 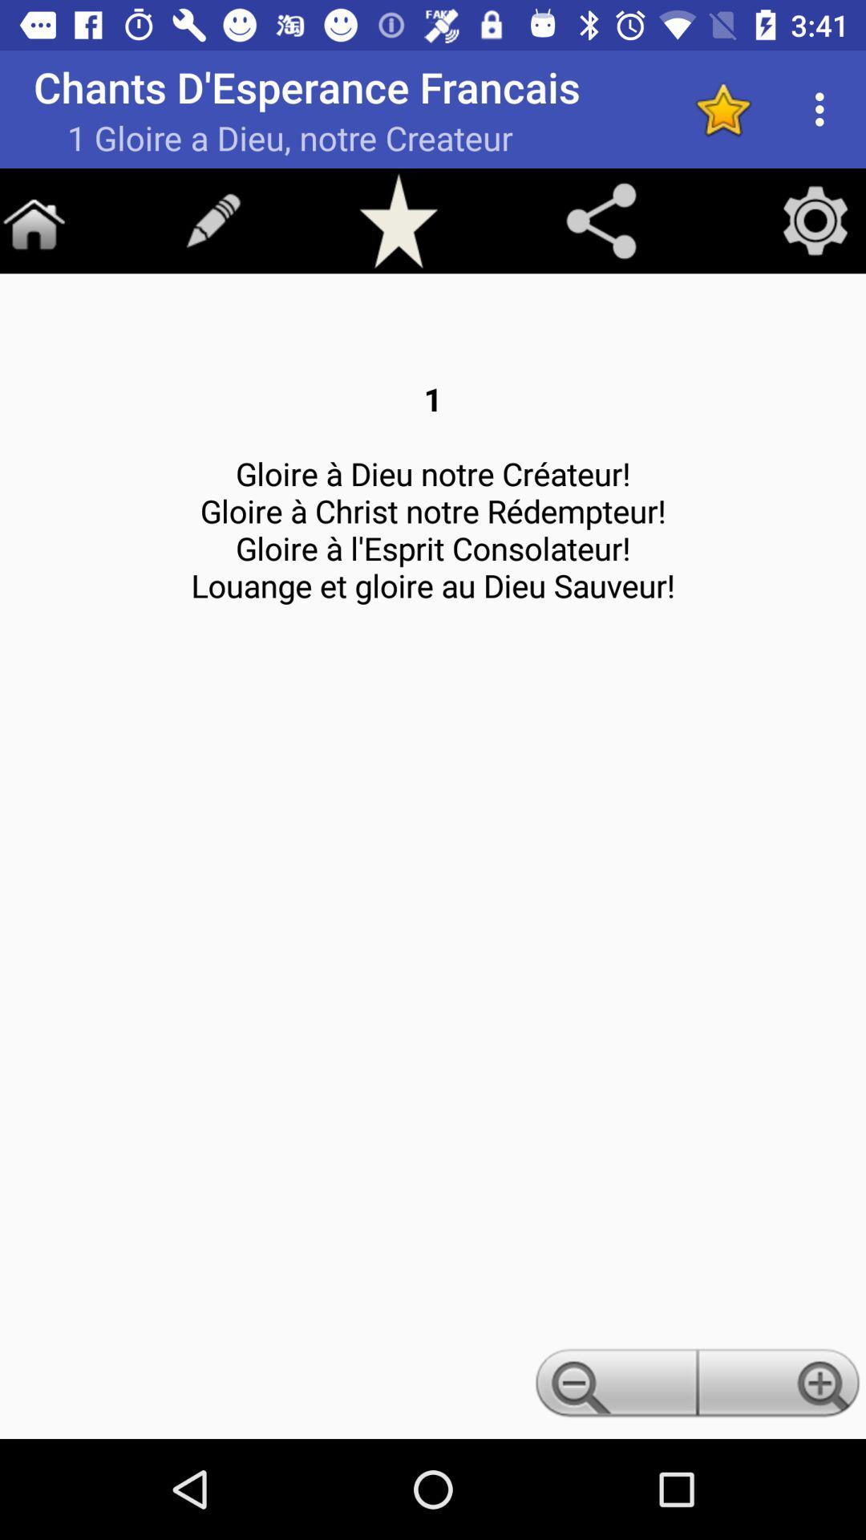 What do you see at coordinates (722, 108) in the screenshot?
I see `adding to favorite option` at bounding box center [722, 108].